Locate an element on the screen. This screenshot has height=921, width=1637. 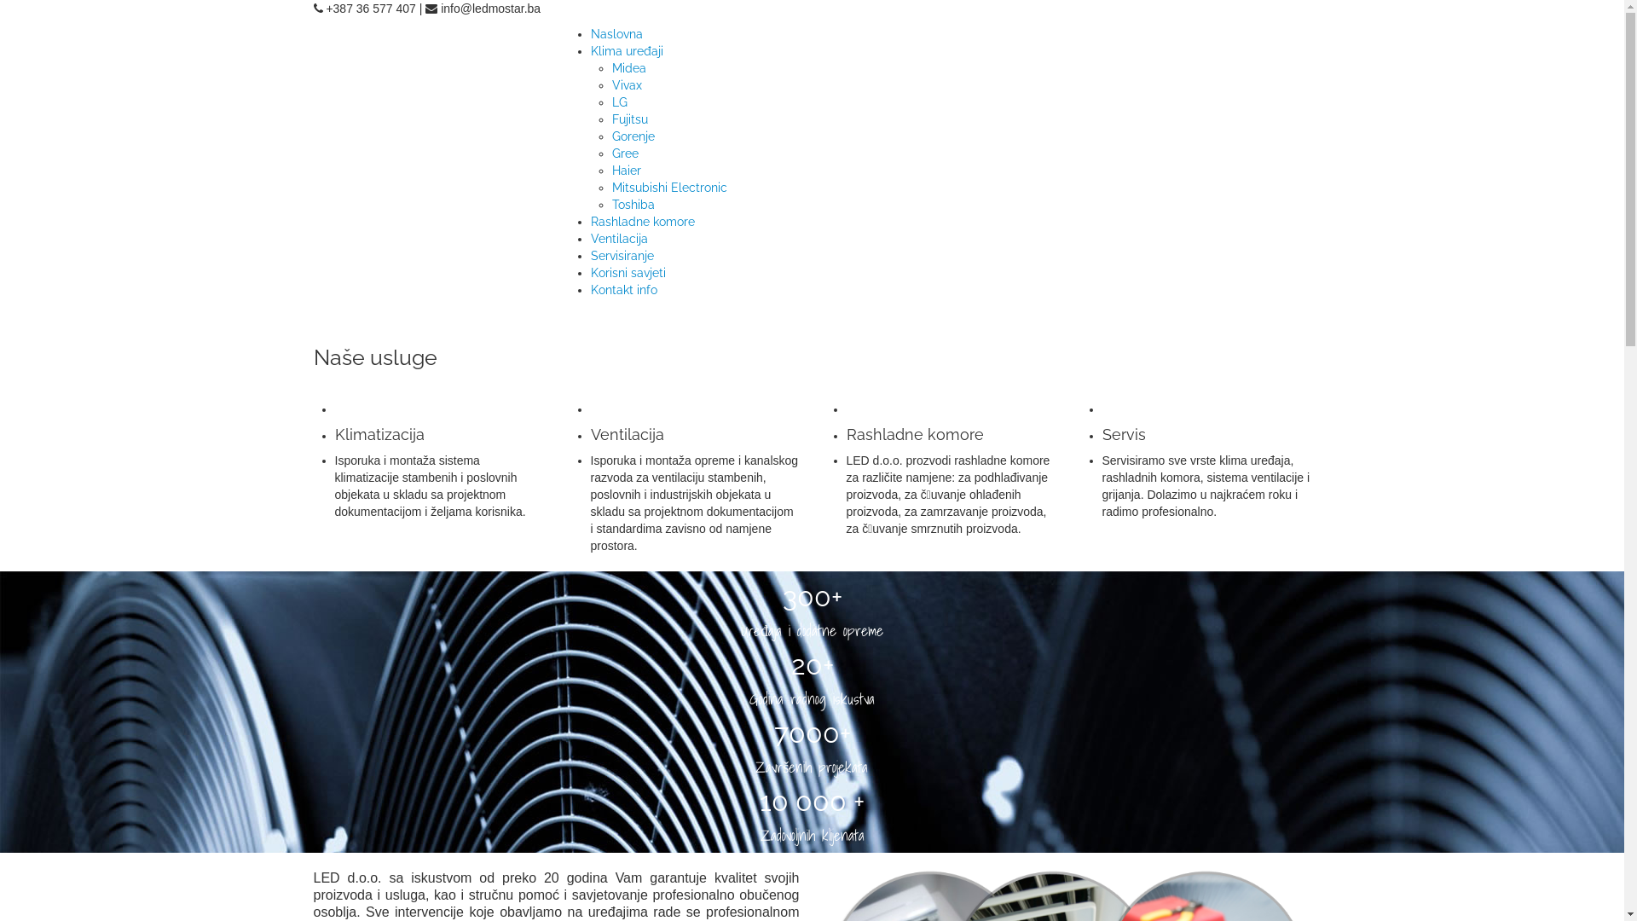
'Haier' is located at coordinates (625, 171).